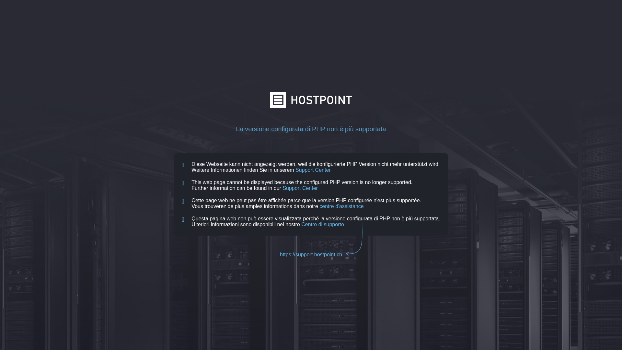 This screenshot has height=350, width=622. Describe the element at coordinates (300, 188) in the screenshot. I see `'Support Center'` at that location.